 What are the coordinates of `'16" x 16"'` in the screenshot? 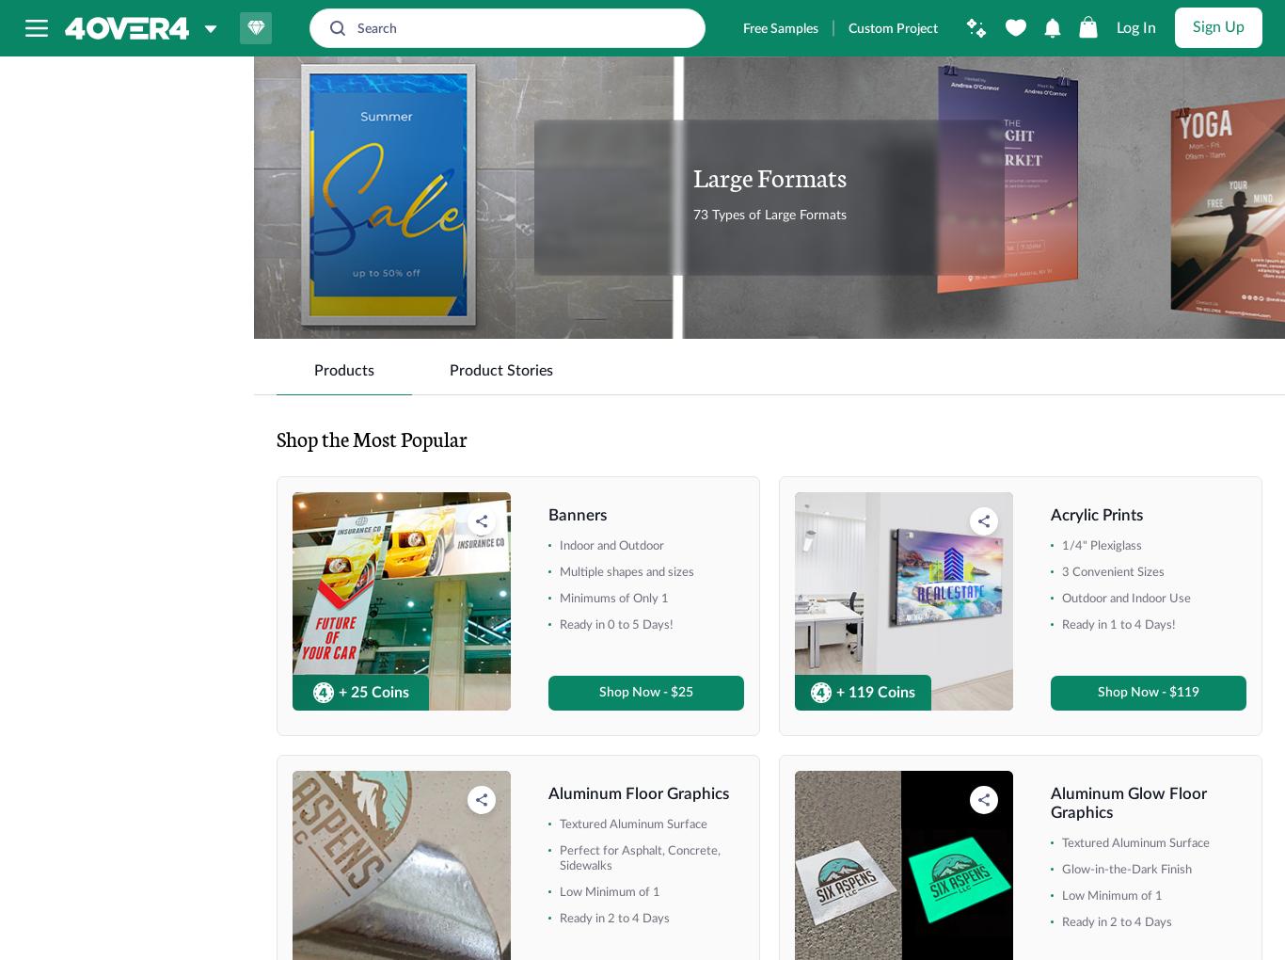 It's located at (77, 723).